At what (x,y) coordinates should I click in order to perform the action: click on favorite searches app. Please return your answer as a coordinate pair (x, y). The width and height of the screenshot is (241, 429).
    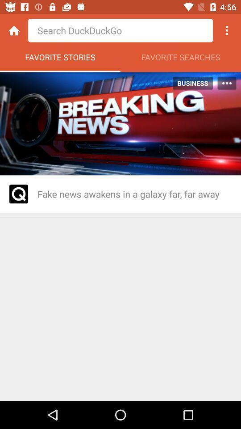
    Looking at the image, I should click on (181, 59).